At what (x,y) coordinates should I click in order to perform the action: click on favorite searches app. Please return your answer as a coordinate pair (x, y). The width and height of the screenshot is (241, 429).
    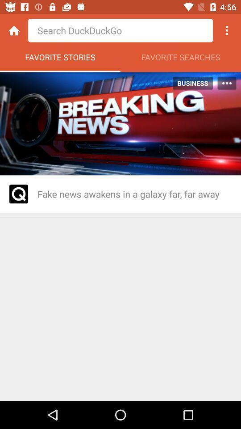
    Looking at the image, I should click on (181, 59).